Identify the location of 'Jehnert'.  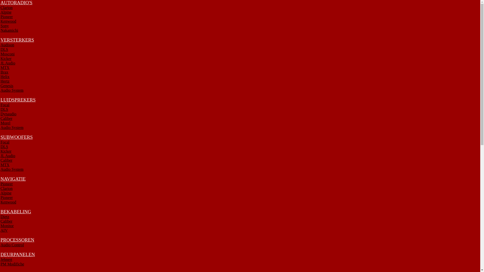
(6, 259).